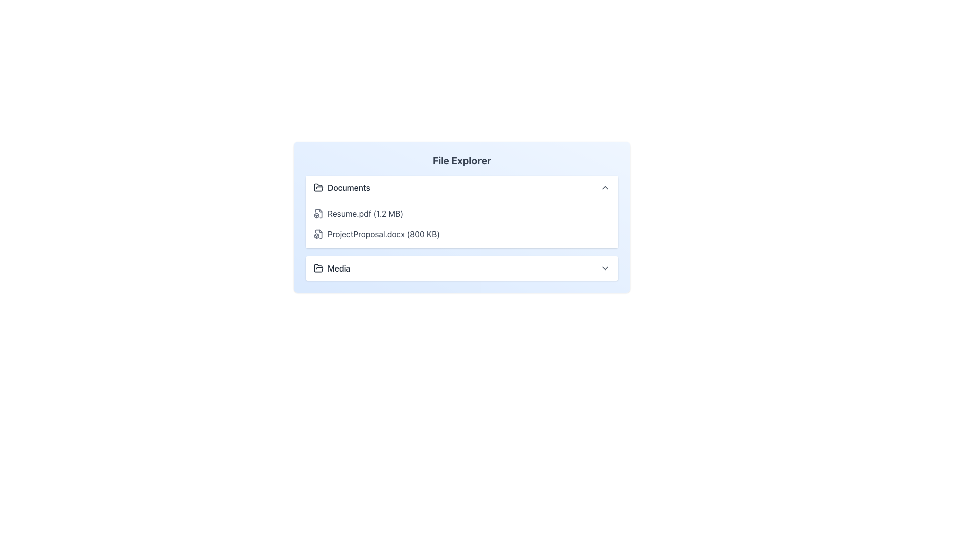 This screenshot has height=541, width=962. What do you see at coordinates (461, 268) in the screenshot?
I see `the 'Media' button located at the bottom of the list` at bounding box center [461, 268].